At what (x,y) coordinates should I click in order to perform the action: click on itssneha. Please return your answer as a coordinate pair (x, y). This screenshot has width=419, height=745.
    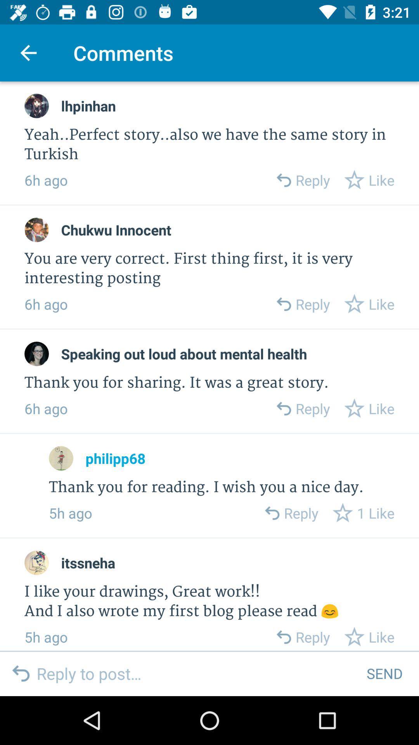
    Looking at the image, I should click on (88, 563).